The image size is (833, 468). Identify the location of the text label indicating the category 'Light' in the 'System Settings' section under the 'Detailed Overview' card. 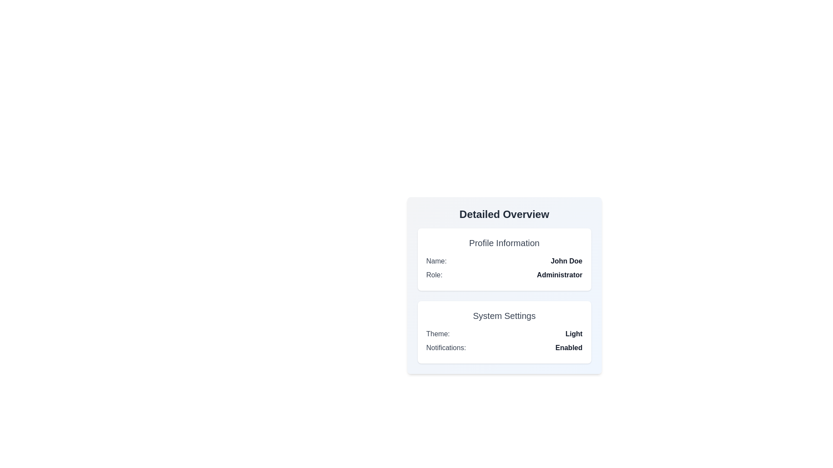
(438, 334).